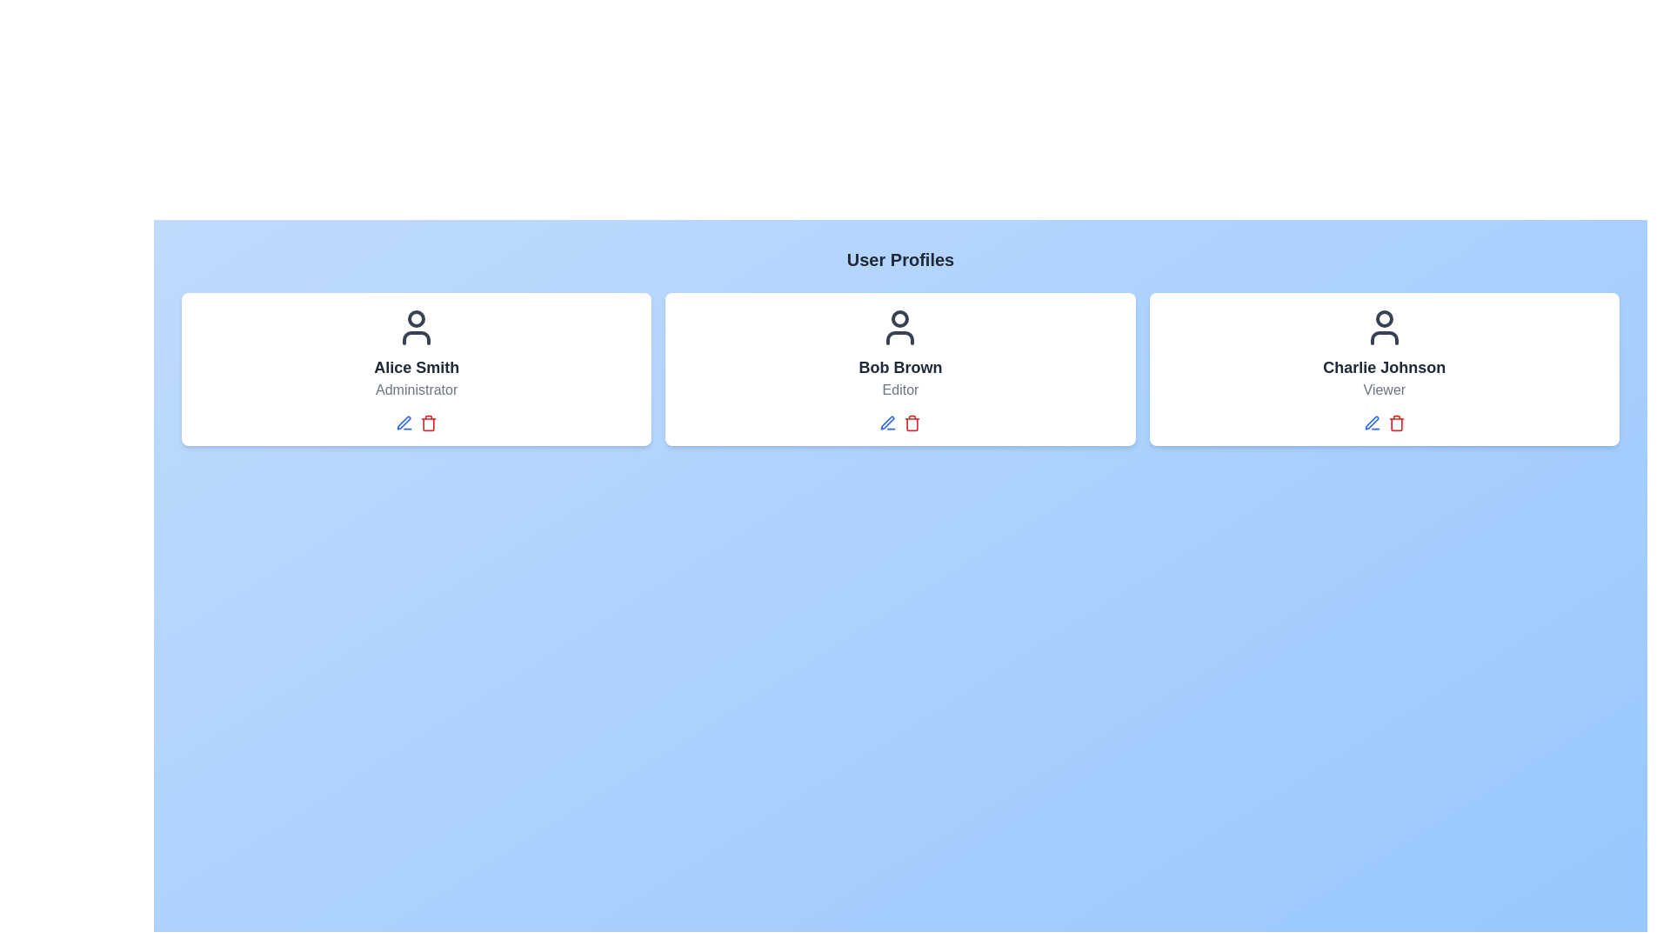 The height and width of the screenshot is (939, 1670). What do you see at coordinates (416, 389) in the screenshot?
I see `the 'Administrator' text label located beneath the name 'Alice Smith' in her profile section` at bounding box center [416, 389].